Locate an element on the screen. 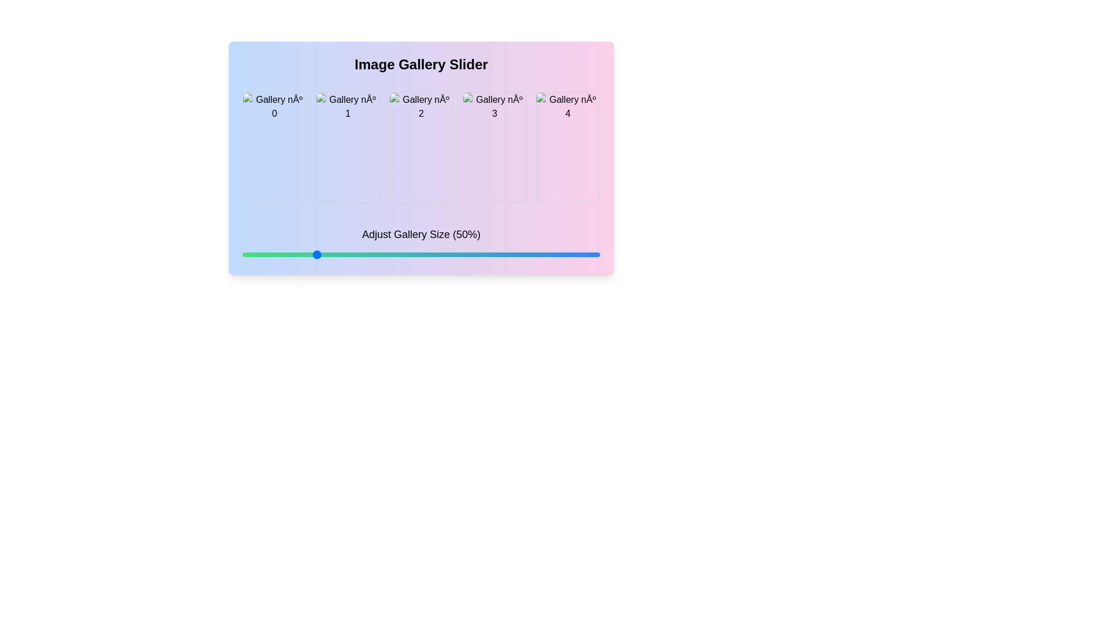 This screenshot has width=1109, height=624. the gallery size slider to 126% is located at coordinates (531, 254).